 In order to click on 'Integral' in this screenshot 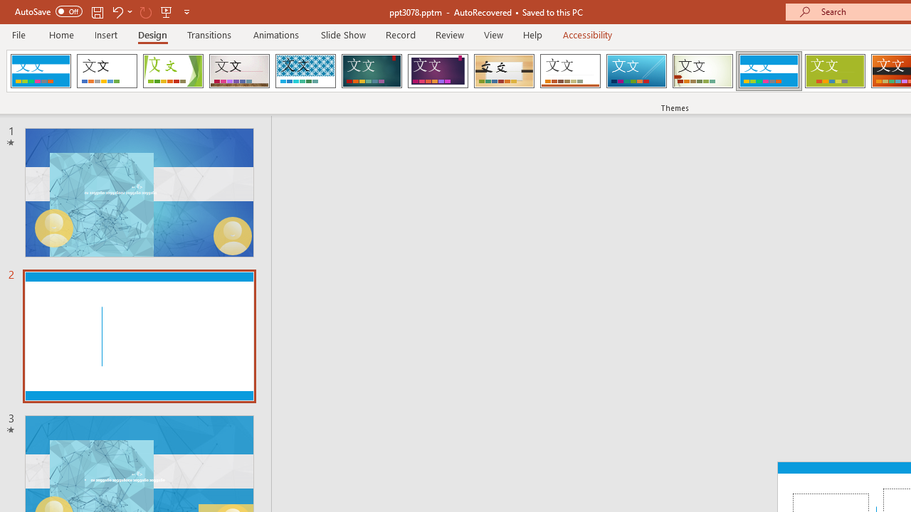, I will do `click(305, 71)`.